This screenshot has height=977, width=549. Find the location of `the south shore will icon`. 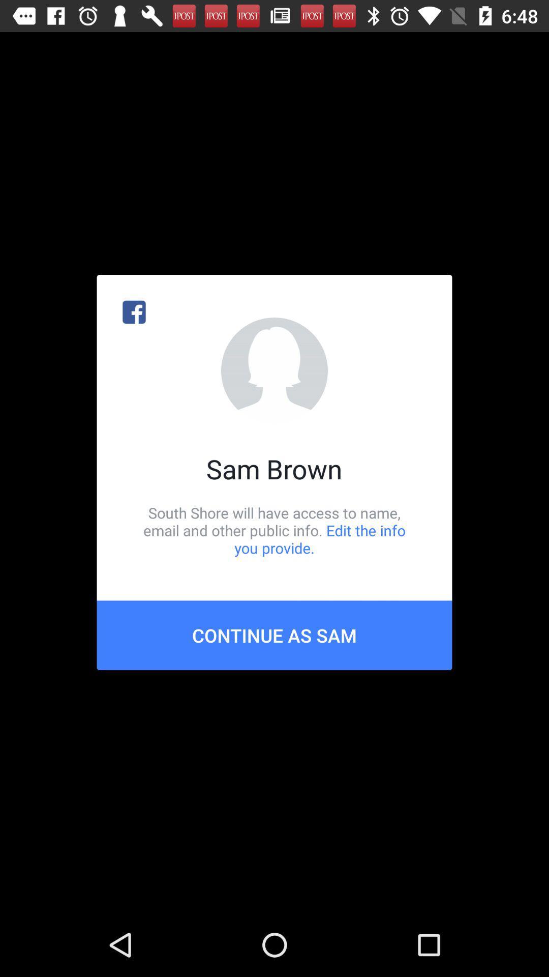

the south shore will icon is located at coordinates (274, 530).